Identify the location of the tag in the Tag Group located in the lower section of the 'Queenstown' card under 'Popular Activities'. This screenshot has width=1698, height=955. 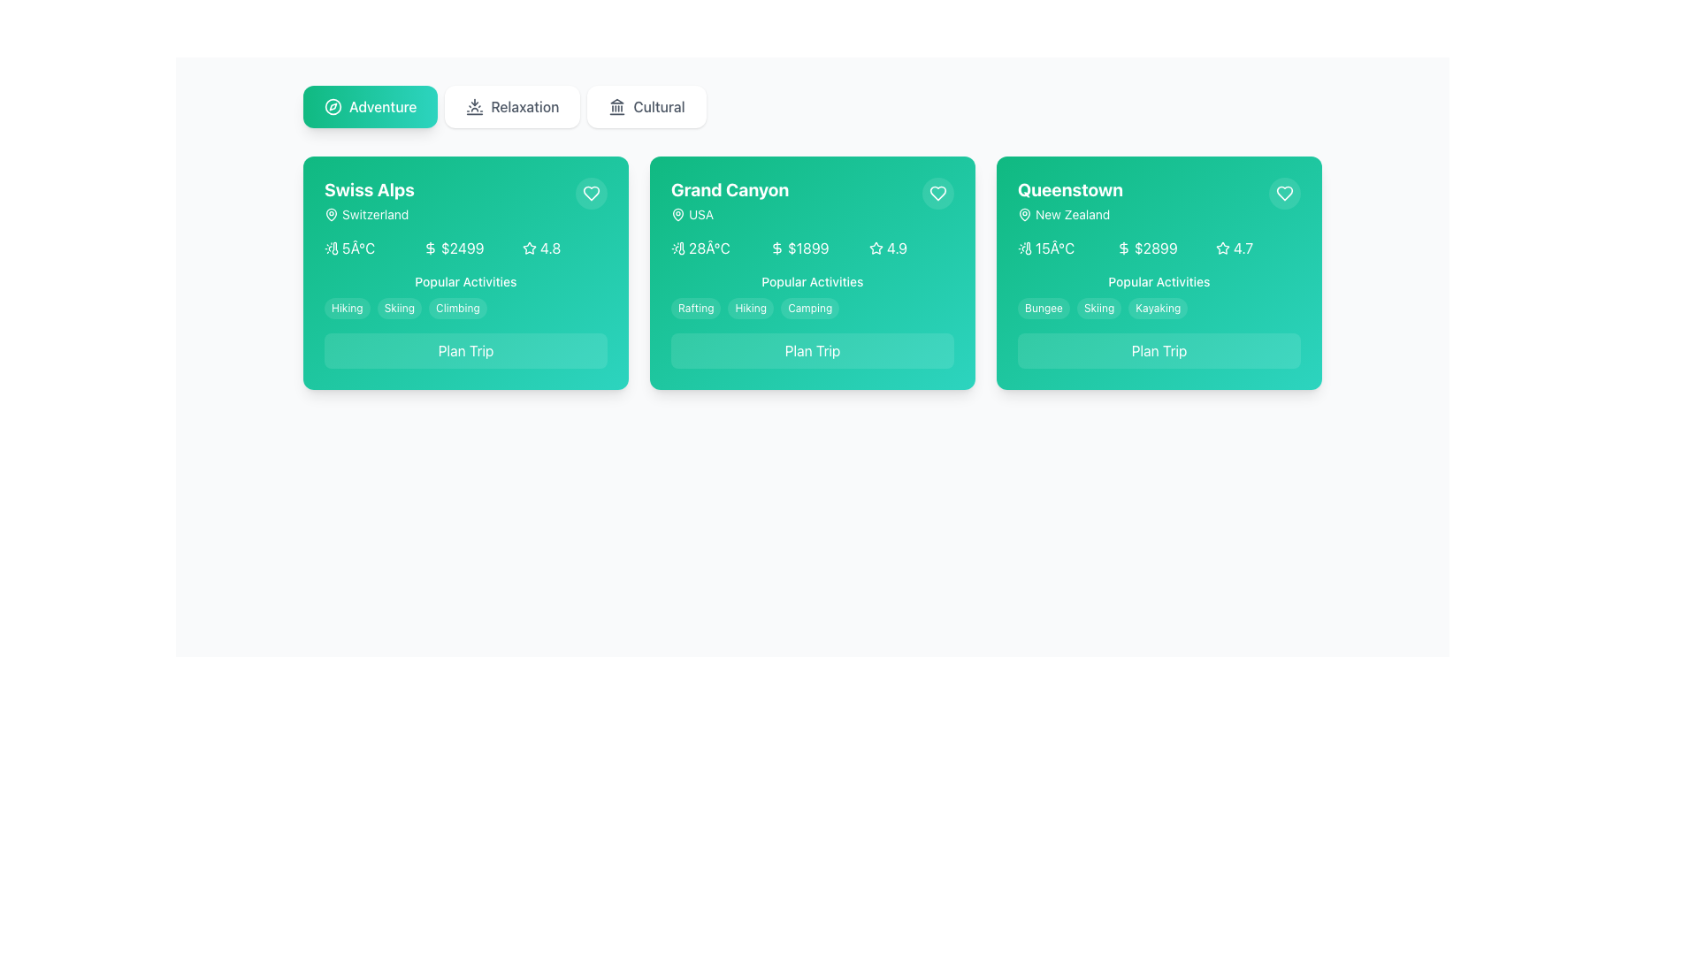
(1159, 295).